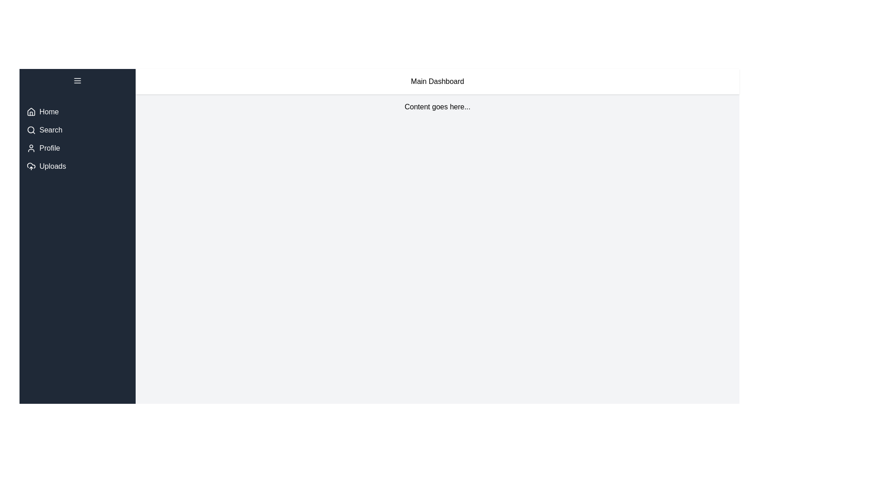  What do you see at coordinates (31, 111) in the screenshot?
I see `the 'Home' icon located at the top of the left vertical menu, adjacent to the text label 'Home'` at bounding box center [31, 111].